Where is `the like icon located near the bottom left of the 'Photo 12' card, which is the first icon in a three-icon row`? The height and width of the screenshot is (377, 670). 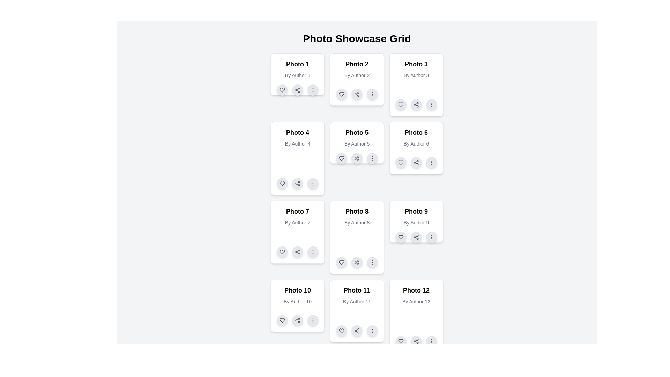
the like icon located near the bottom left of the 'Photo 12' card, which is the first icon in a three-icon row is located at coordinates (401, 341).